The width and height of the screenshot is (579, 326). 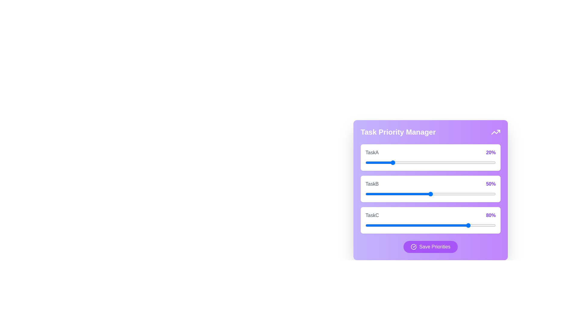 I want to click on the priority of TaskA to 34%, so click(x=410, y=162).